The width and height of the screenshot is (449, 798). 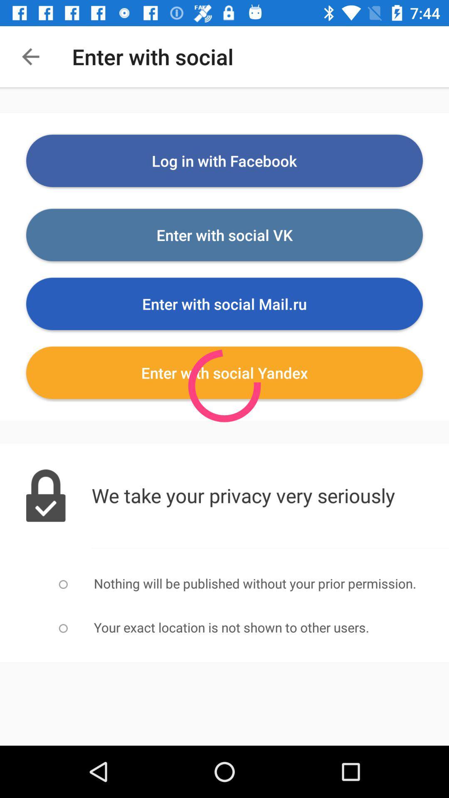 I want to click on the icon to the left of the enter with social, so click(x=30, y=56).